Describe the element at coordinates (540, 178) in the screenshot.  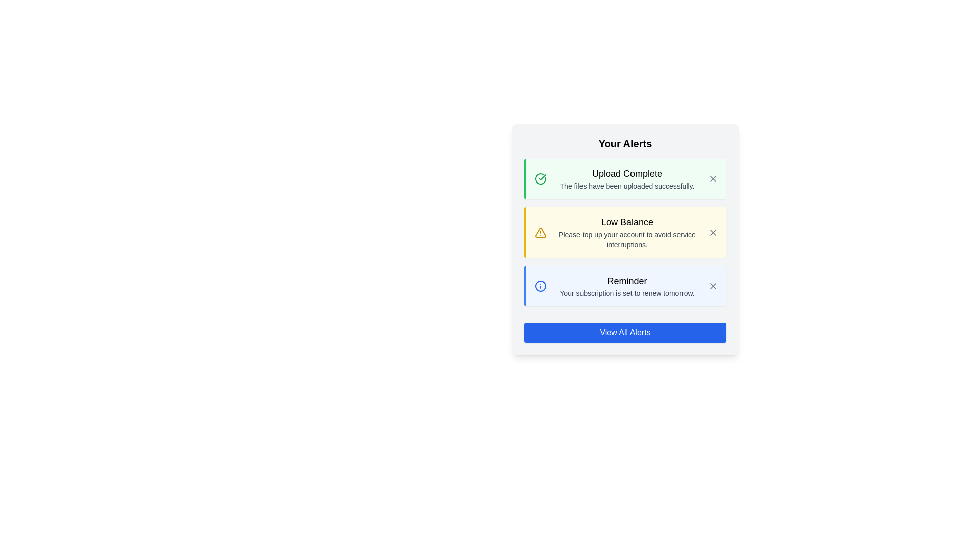
I see `the upload complete icon located at the top-left corner of the 'Upload Complete' alert box to indicate successful completion of an upload event` at that location.